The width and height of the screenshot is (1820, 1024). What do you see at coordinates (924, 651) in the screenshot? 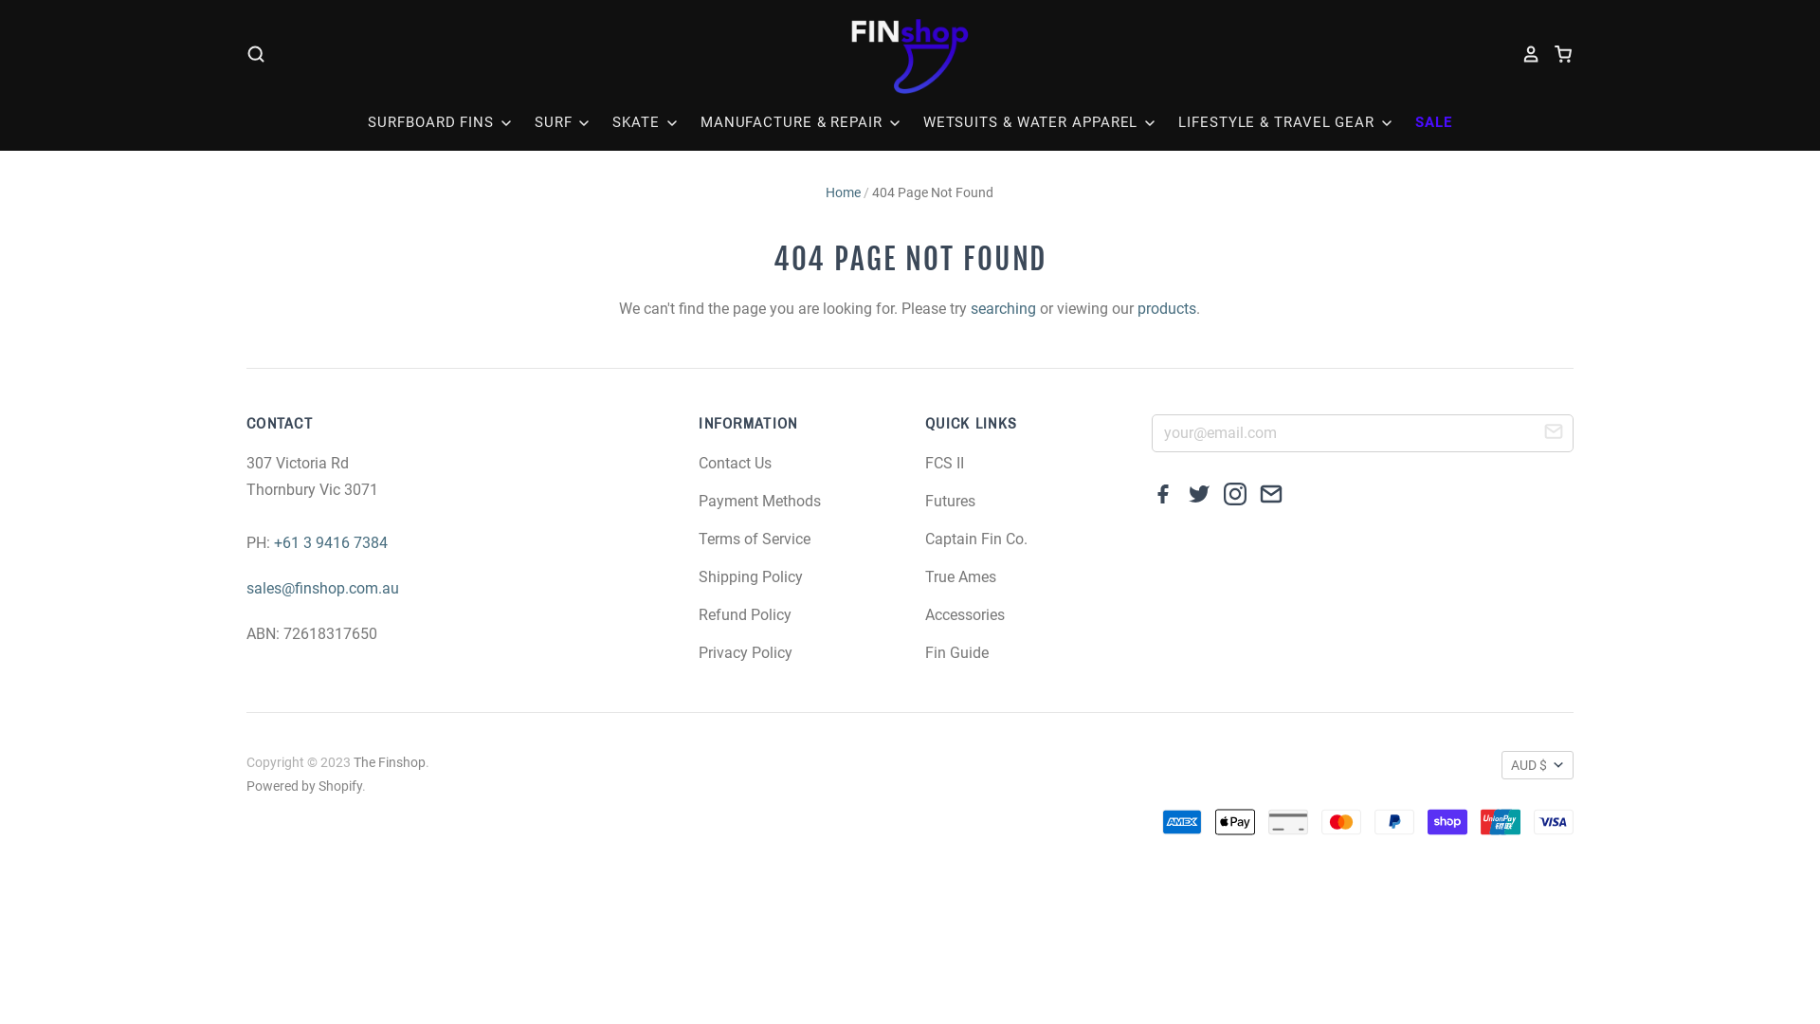
I see `'Fin Guide'` at bounding box center [924, 651].